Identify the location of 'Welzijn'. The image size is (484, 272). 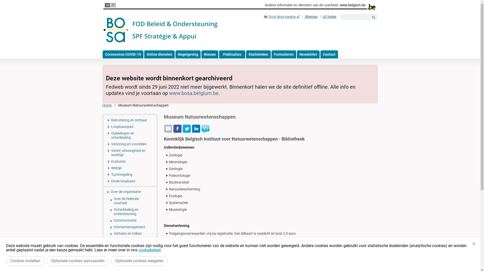
(103, 168).